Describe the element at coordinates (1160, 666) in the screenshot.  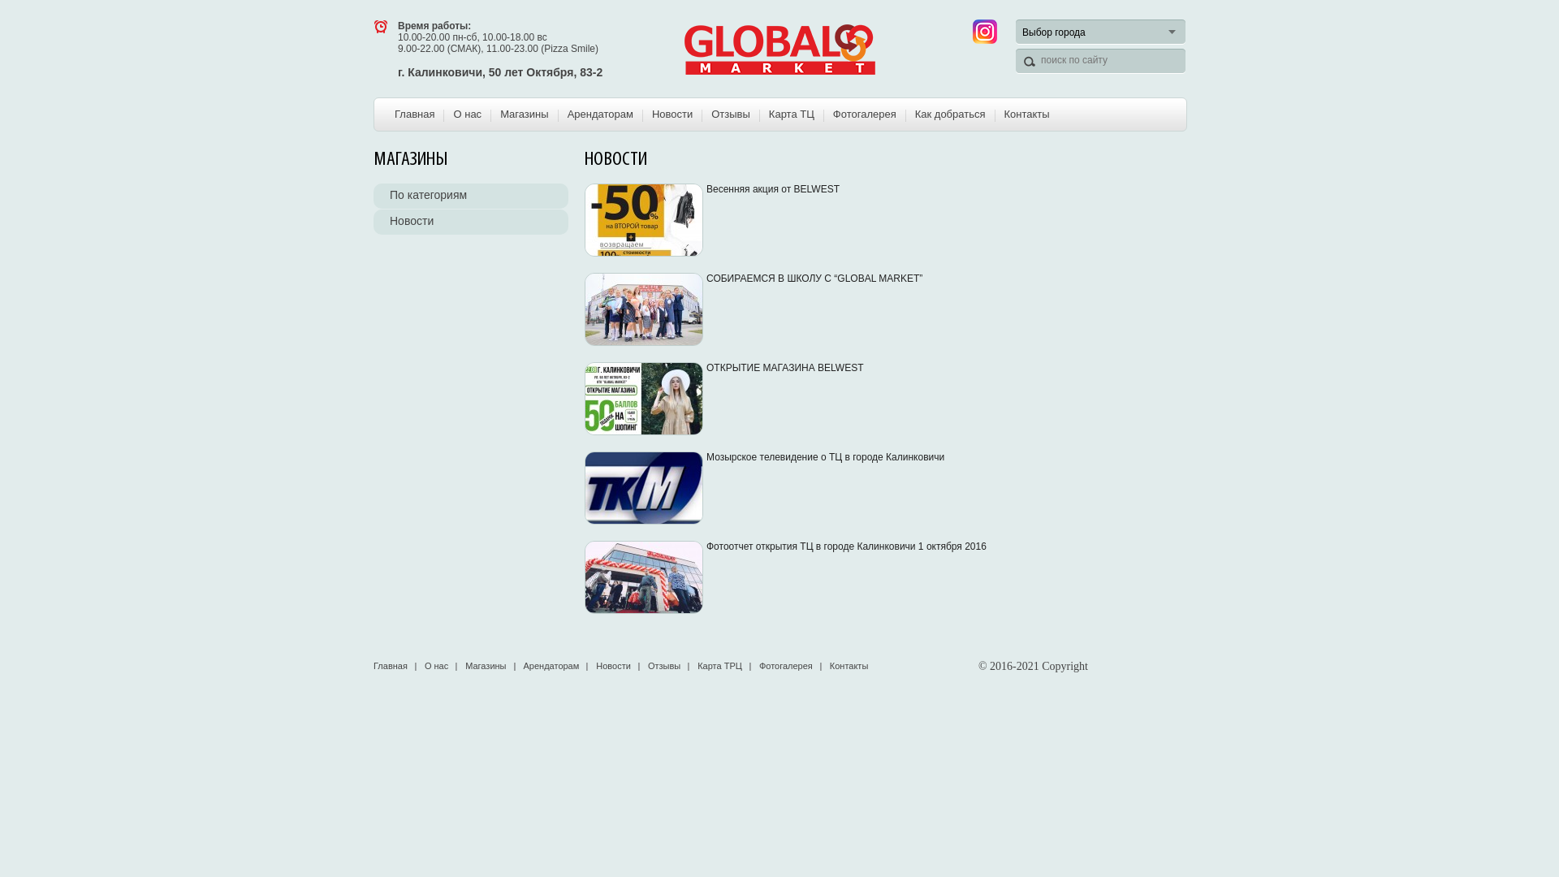
I see `'LiveInternet'` at that location.